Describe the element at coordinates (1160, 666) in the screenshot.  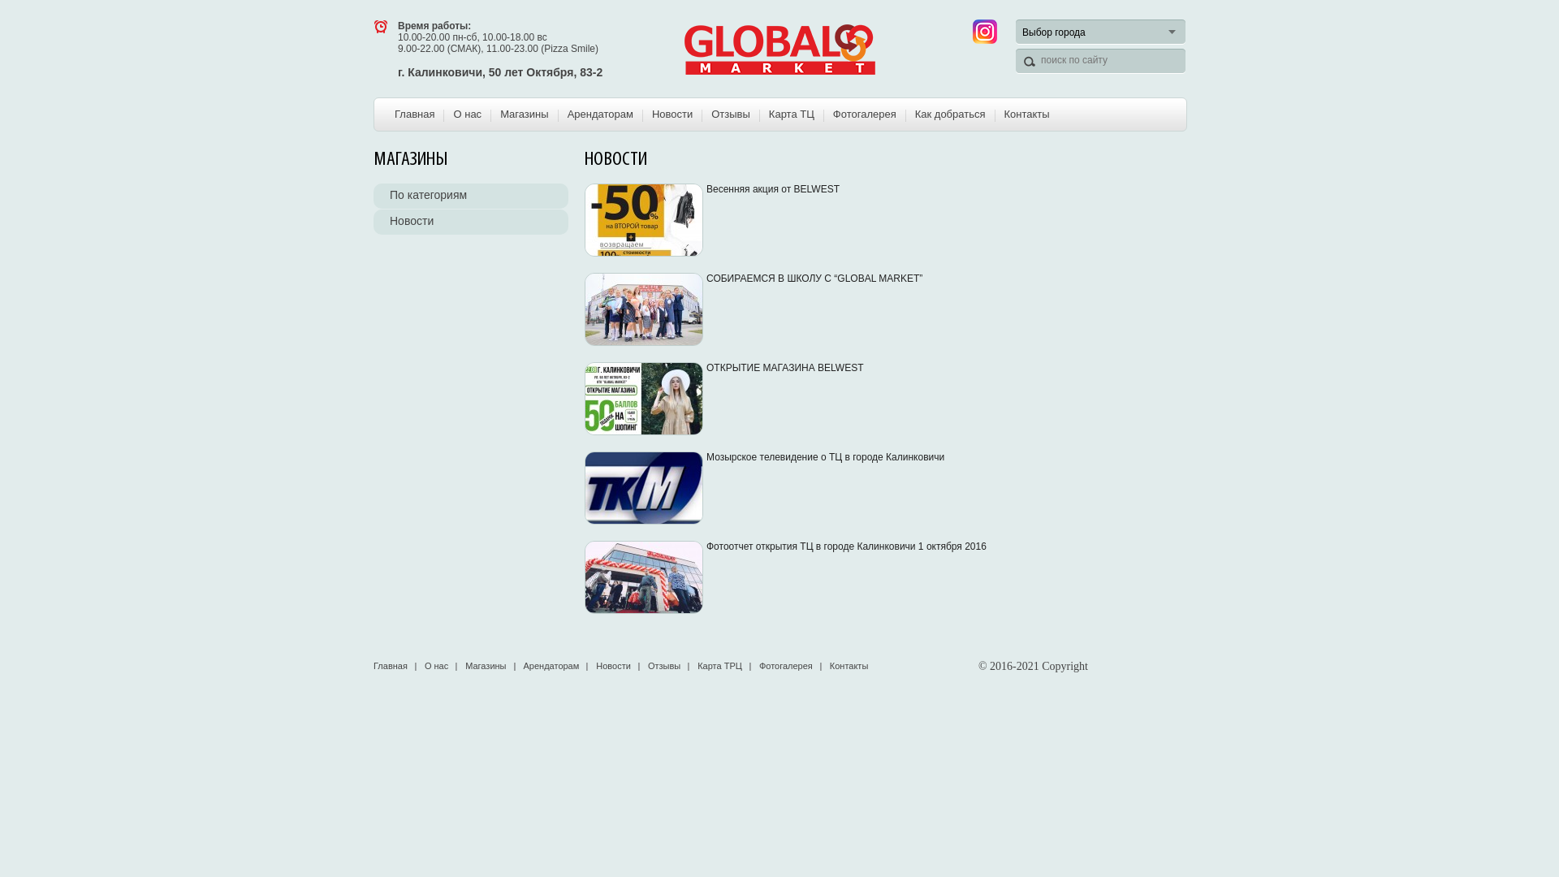
I see `'LiveInternet'` at that location.